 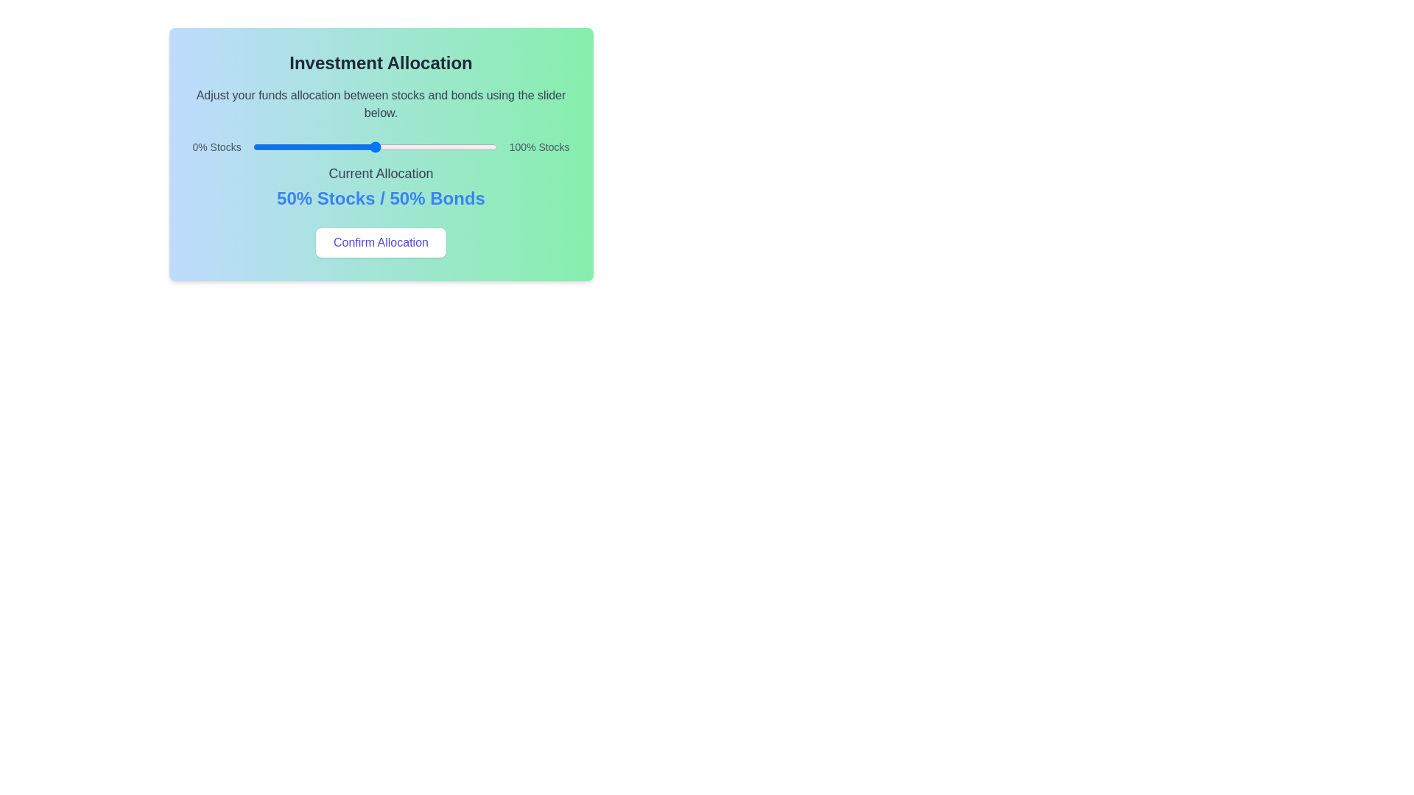 I want to click on the slider to set the investment allocation to 38% of stocks, so click(x=345, y=147).